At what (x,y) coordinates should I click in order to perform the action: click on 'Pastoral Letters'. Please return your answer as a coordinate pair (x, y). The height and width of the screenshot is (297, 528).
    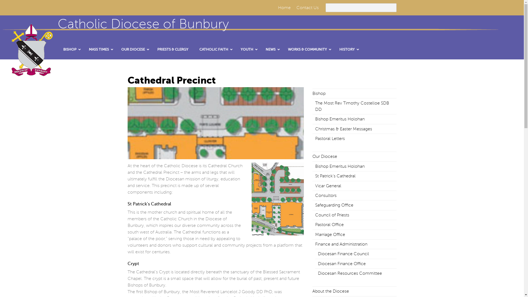
    Looking at the image, I should click on (330, 138).